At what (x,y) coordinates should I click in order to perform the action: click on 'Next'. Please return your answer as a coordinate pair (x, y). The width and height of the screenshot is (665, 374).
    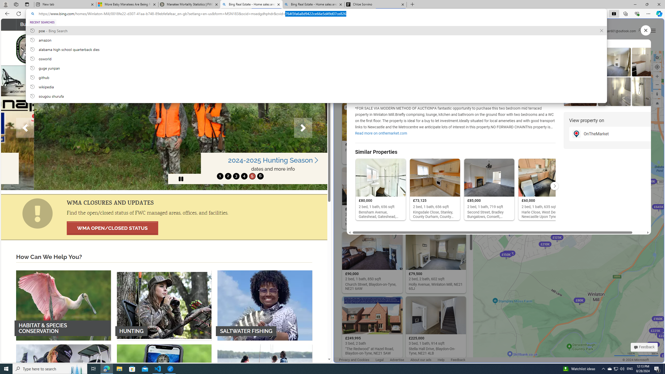
    Looking at the image, I should click on (303, 128).